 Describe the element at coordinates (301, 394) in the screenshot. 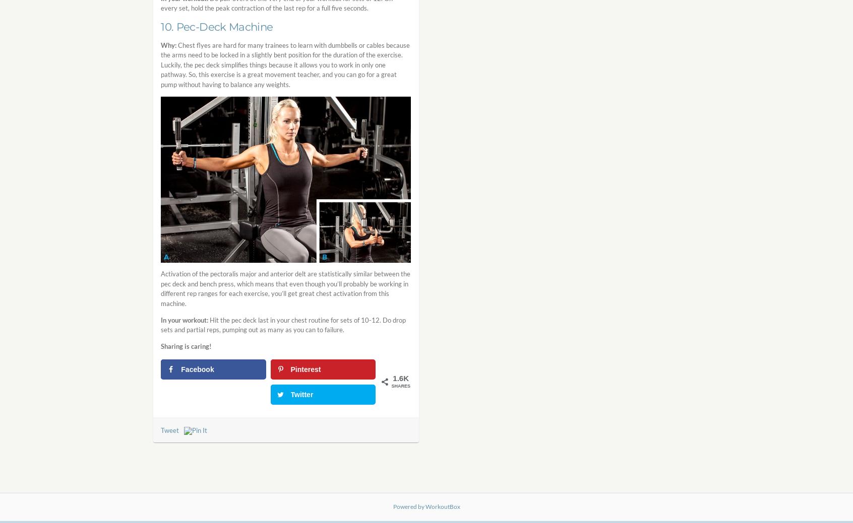

I see `'Twitter'` at that location.